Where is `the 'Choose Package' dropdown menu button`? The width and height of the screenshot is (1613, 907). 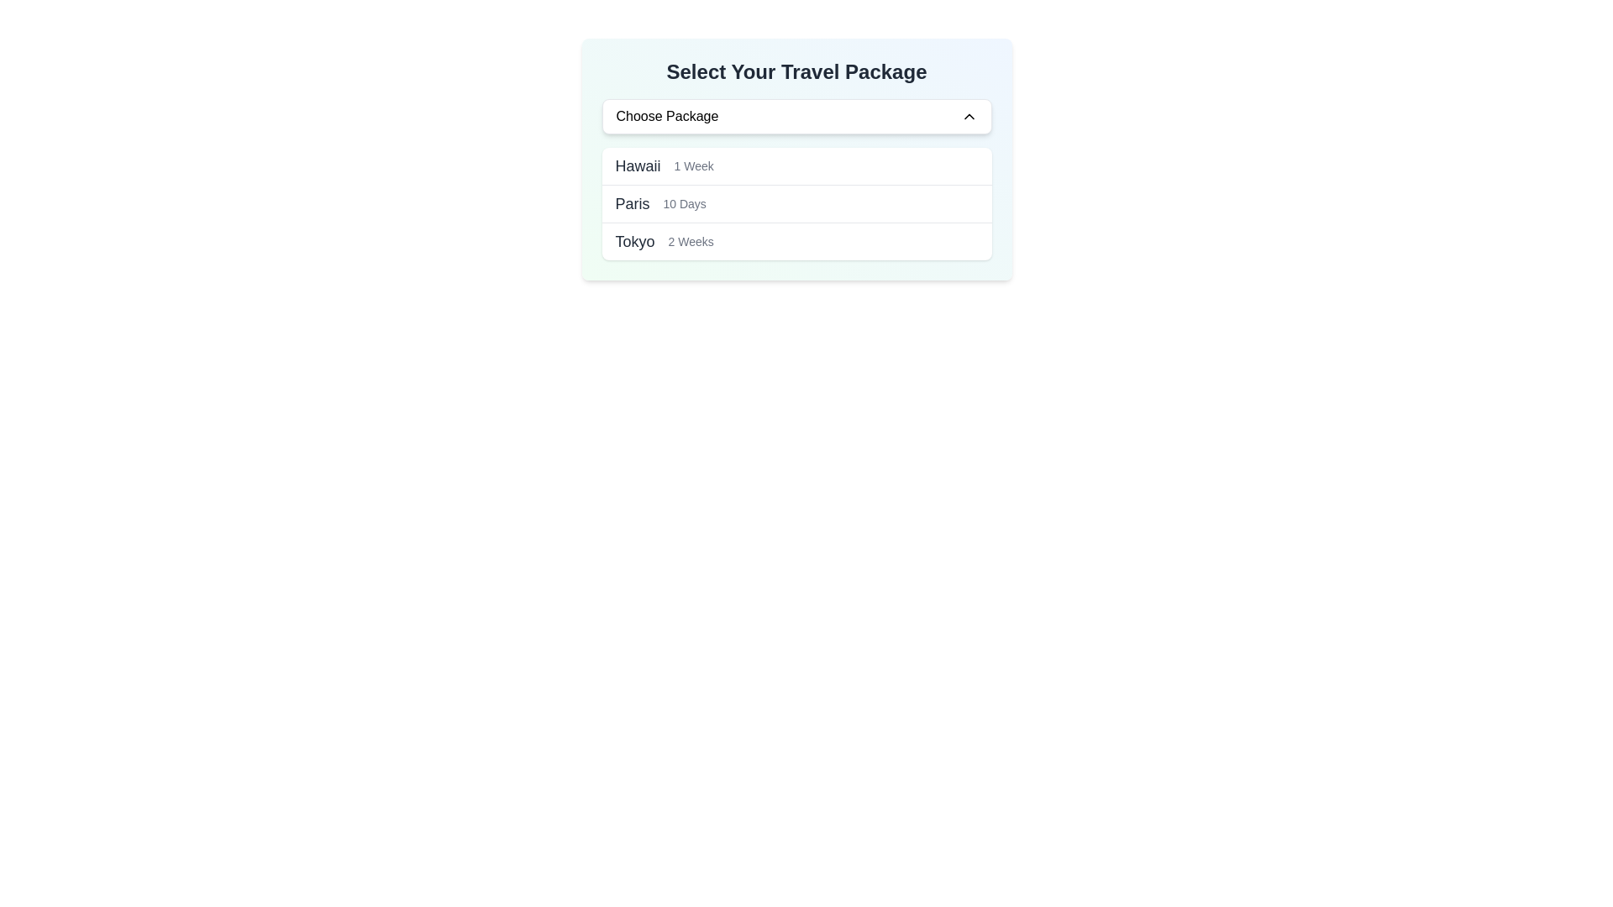
the 'Choose Package' dropdown menu button is located at coordinates (796, 115).